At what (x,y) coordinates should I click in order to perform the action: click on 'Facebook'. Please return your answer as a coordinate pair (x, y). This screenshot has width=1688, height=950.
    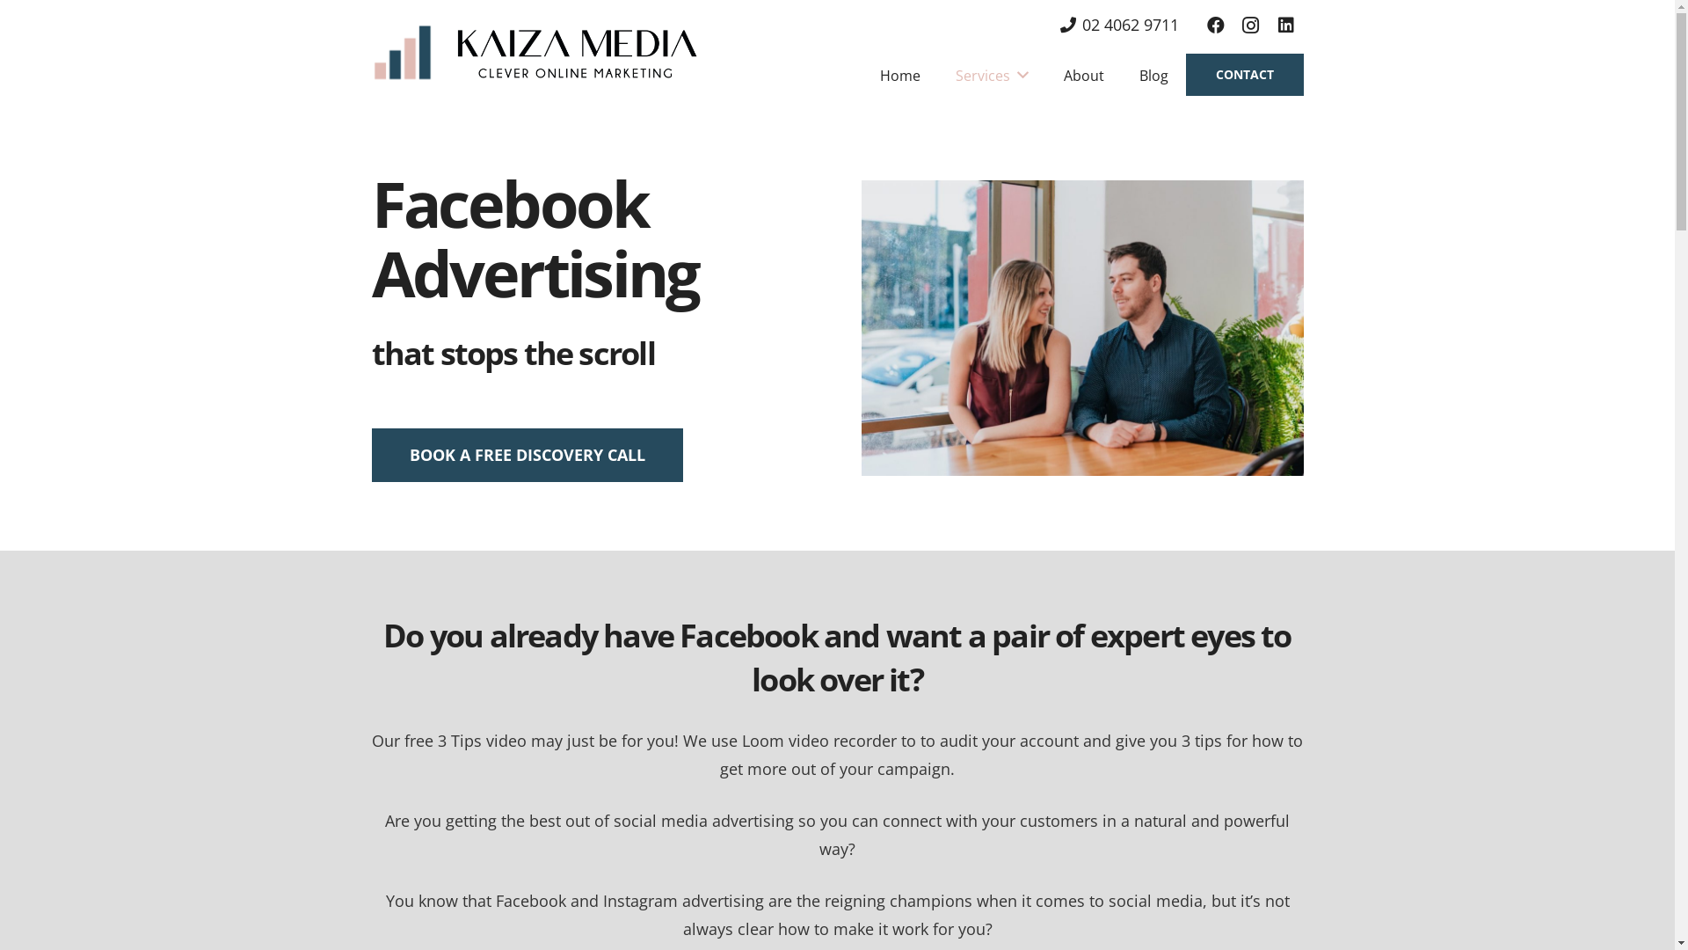
    Looking at the image, I should click on (1214, 26).